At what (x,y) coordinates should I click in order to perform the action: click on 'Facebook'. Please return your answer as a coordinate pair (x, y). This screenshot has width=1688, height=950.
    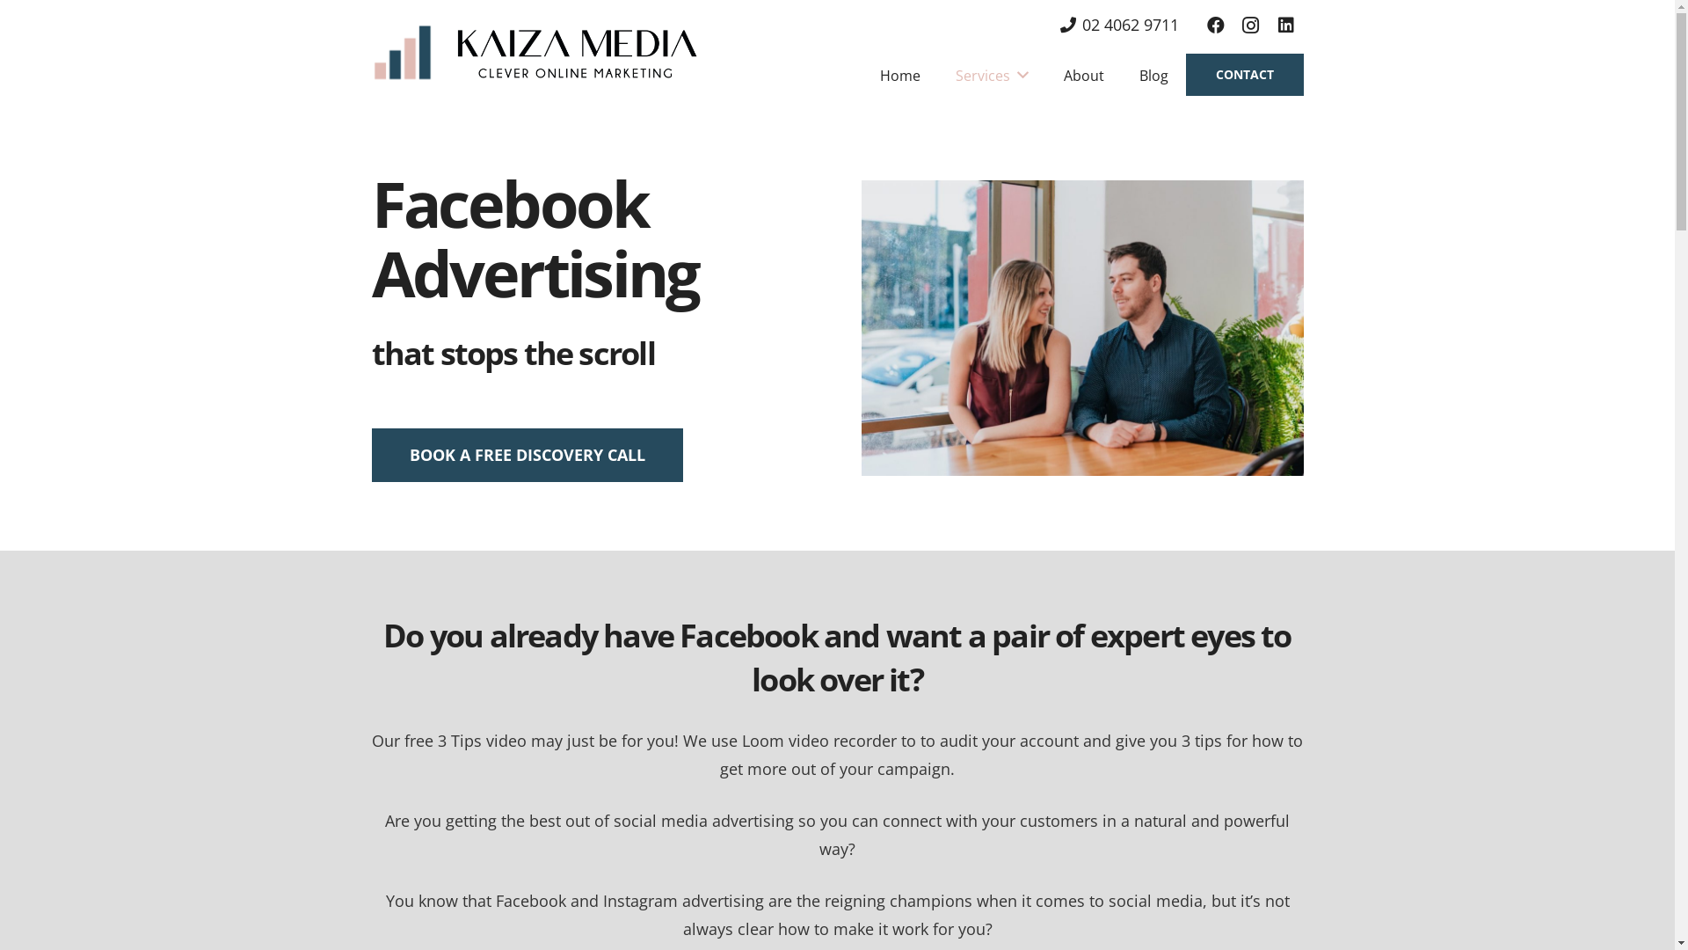
    Looking at the image, I should click on (1214, 26).